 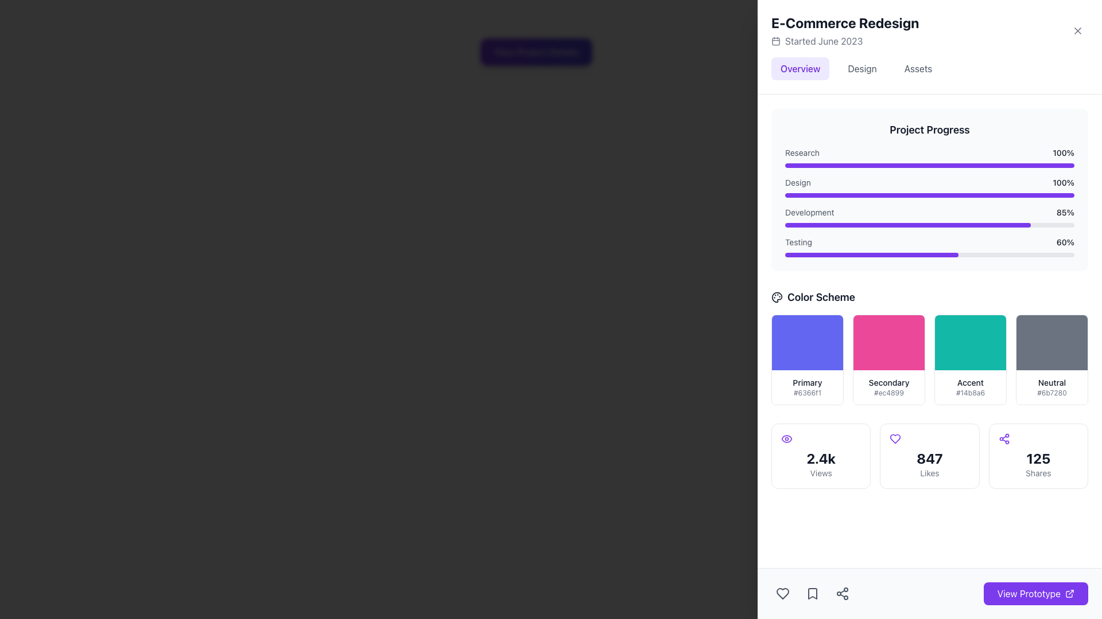 I want to click on the horizontal progress bar indicating 100% completion for the 'Design' metric, which is styled with a rounded appearance and is positioned below the 'Design' label, so click(x=930, y=194).